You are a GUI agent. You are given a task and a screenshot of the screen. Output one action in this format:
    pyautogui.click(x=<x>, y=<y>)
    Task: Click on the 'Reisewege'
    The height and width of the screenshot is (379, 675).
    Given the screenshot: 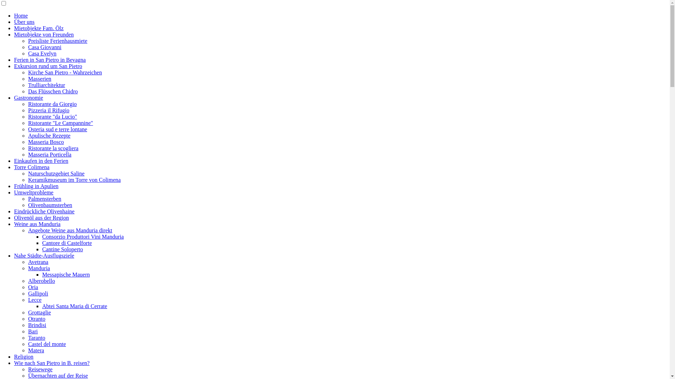 What is the action you would take?
    pyautogui.click(x=28, y=369)
    